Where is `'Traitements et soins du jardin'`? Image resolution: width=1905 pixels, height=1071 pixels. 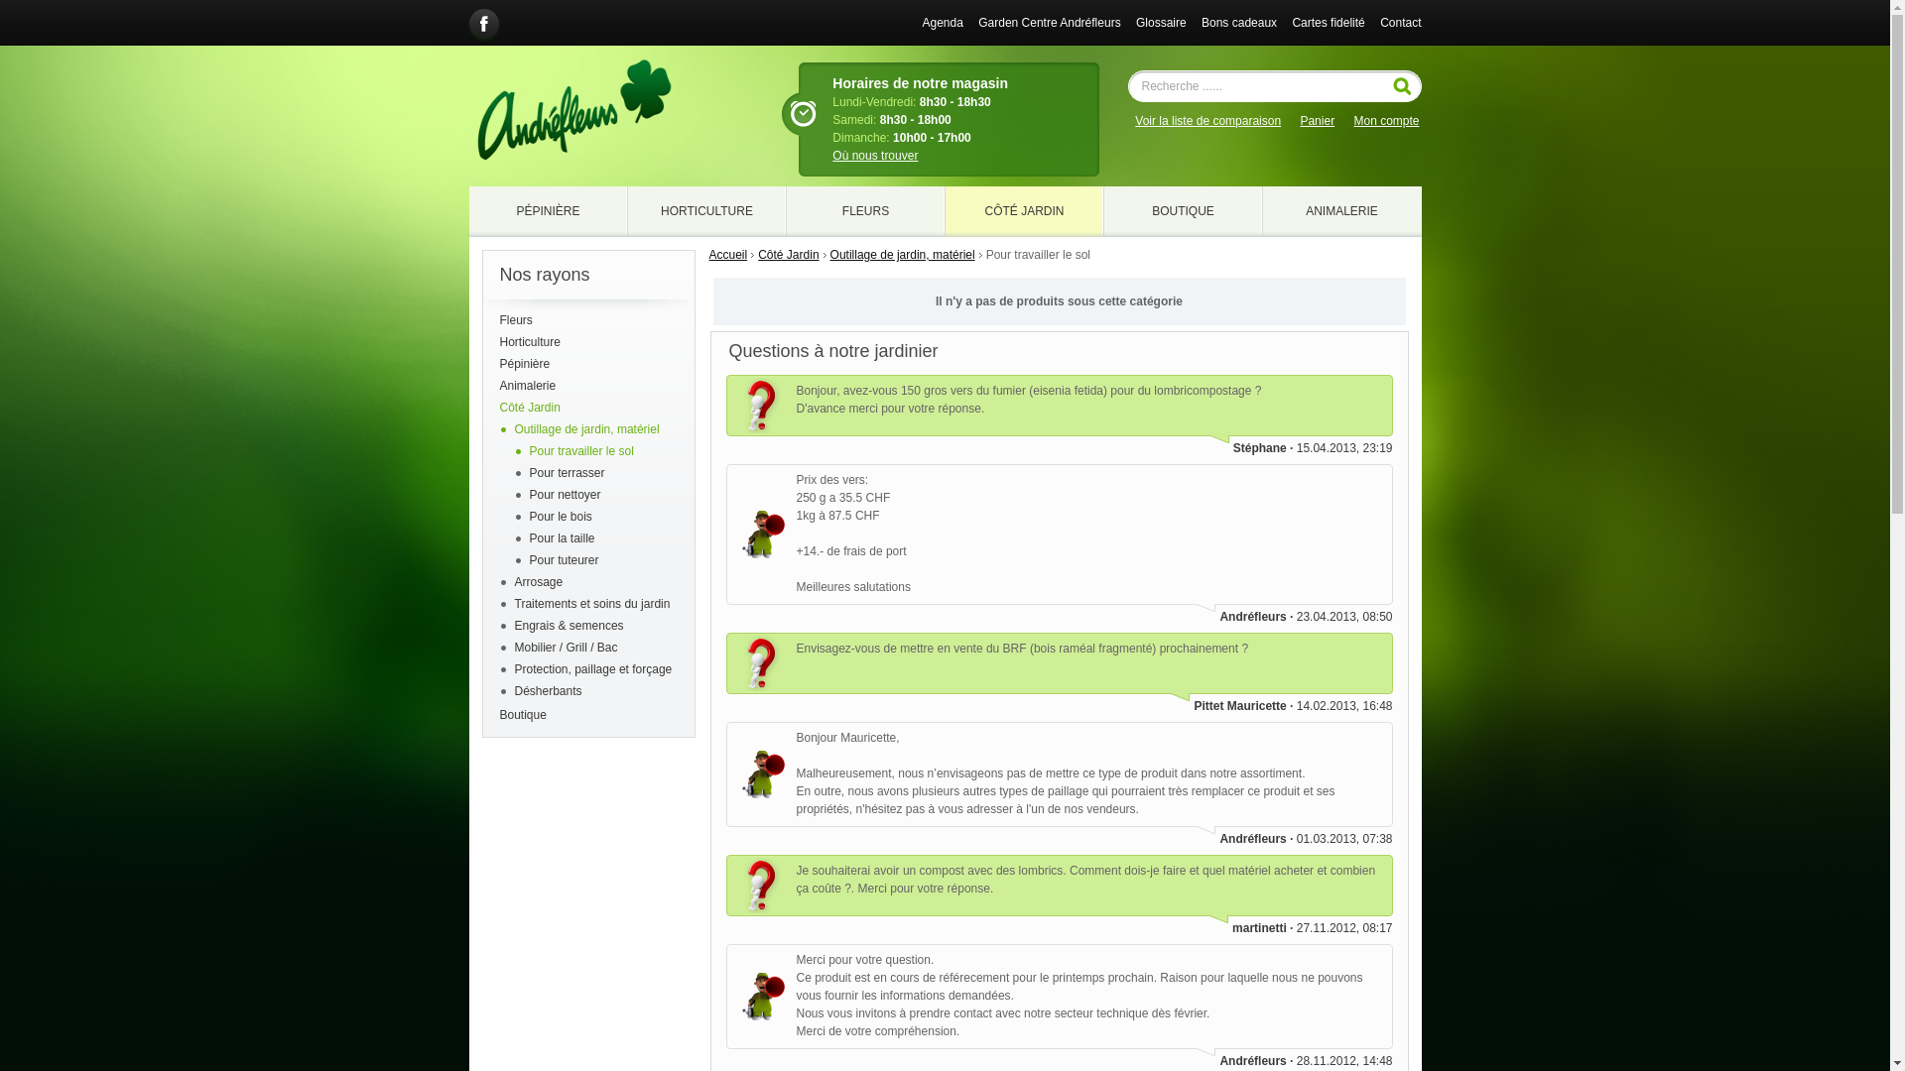 'Traitements et soins du jardin' is located at coordinates (590, 603).